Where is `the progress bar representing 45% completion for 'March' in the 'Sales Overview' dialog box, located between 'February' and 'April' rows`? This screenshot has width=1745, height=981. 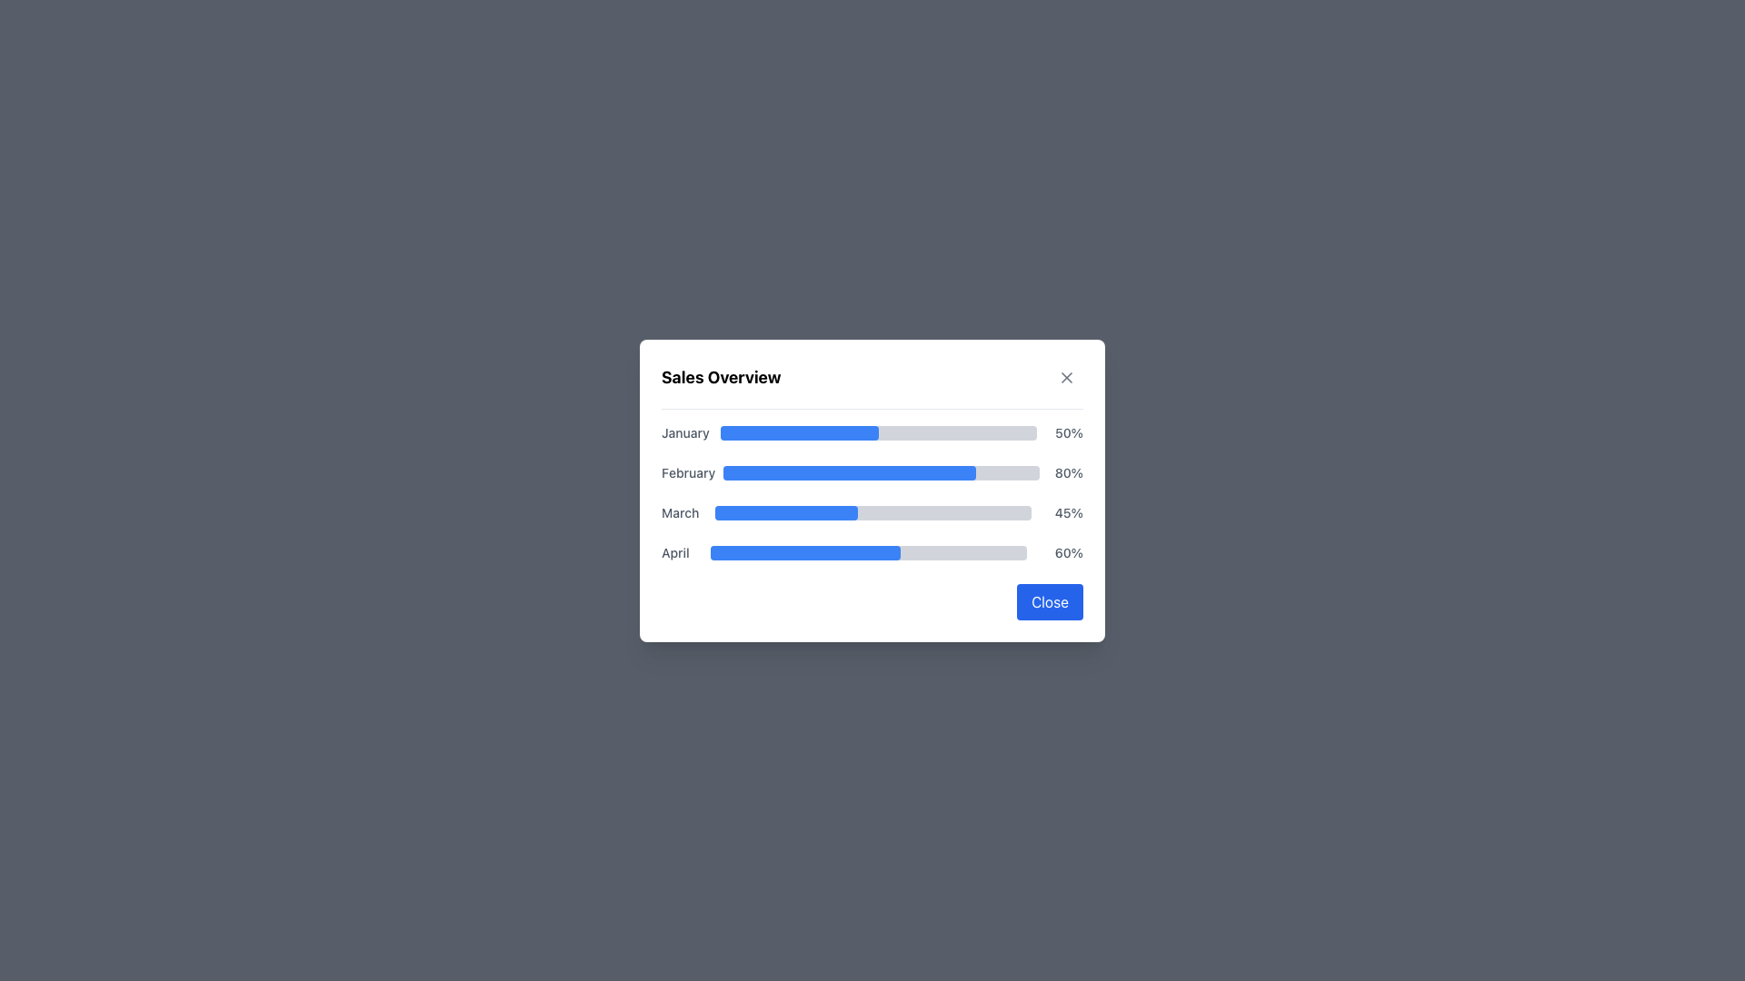
the progress bar representing 45% completion for 'March' in the 'Sales Overview' dialog box, located between 'February' and 'April' rows is located at coordinates (872, 512).